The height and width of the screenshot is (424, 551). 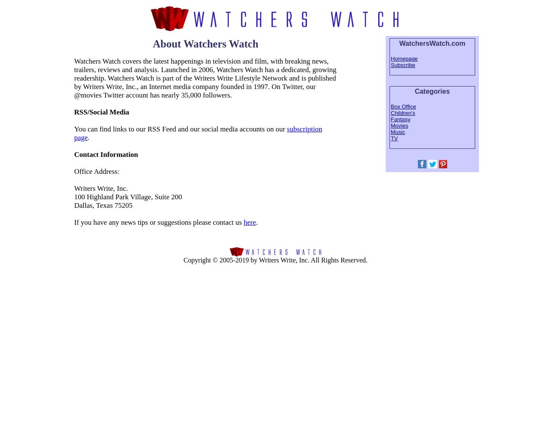 What do you see at coordinates (399, 126) in the screenshot?
I see `'Movies'` at bounding box center [399, 126].